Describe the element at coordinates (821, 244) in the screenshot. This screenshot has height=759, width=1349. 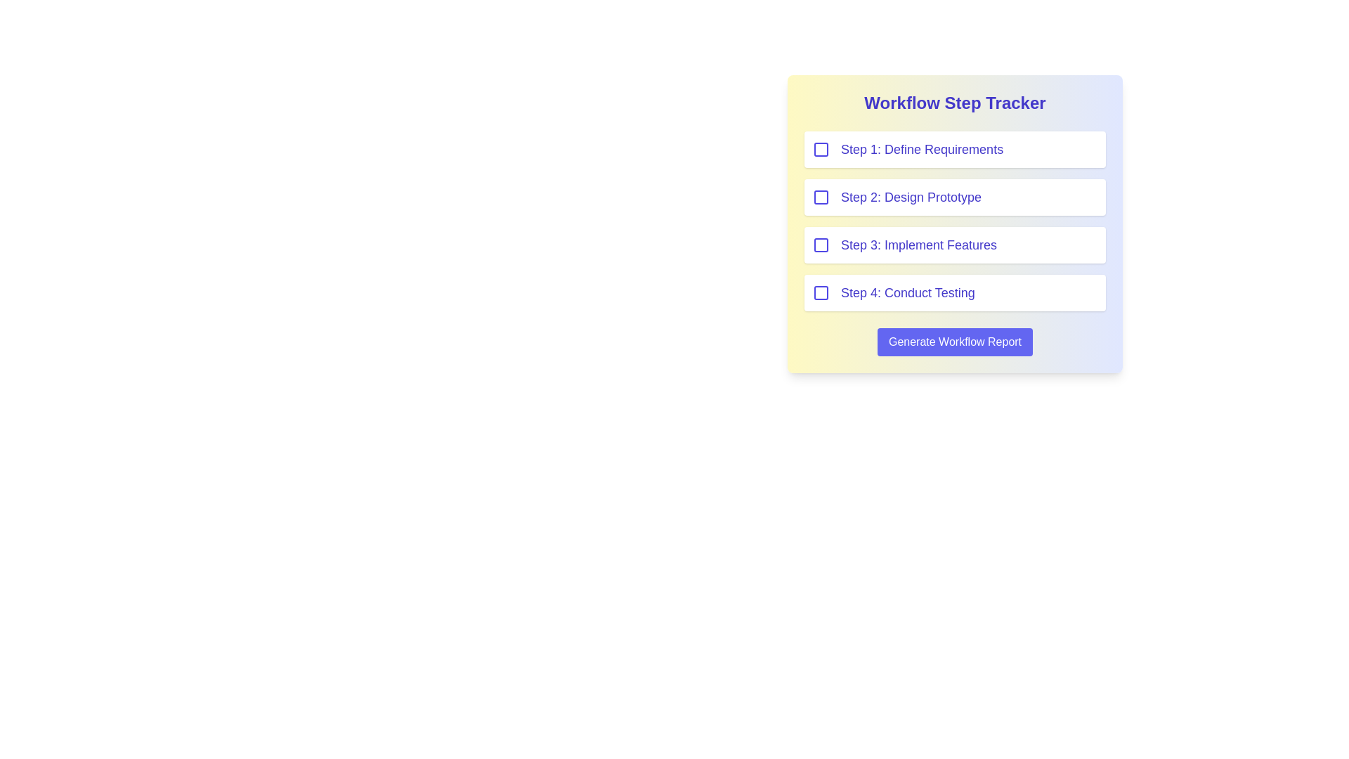
I see `the interactive checkbox for 'Step 3: Implement Features'` at that location.